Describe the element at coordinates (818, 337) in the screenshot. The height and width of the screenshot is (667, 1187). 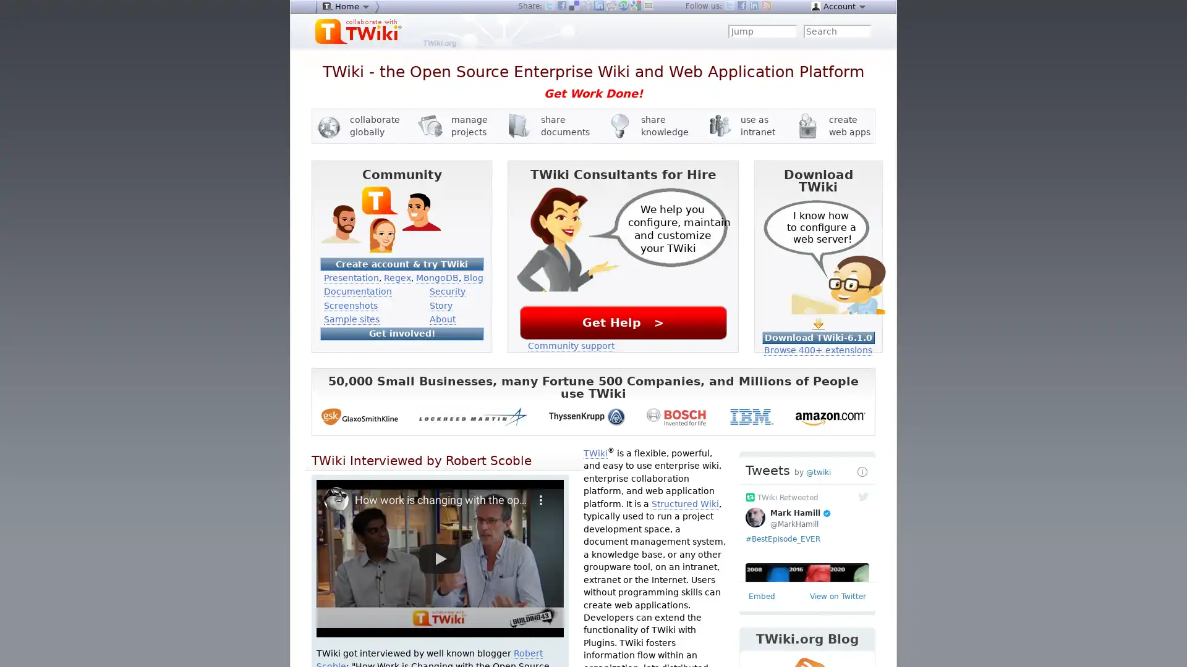
I see `Download TWiki-6.1.0` at that location.